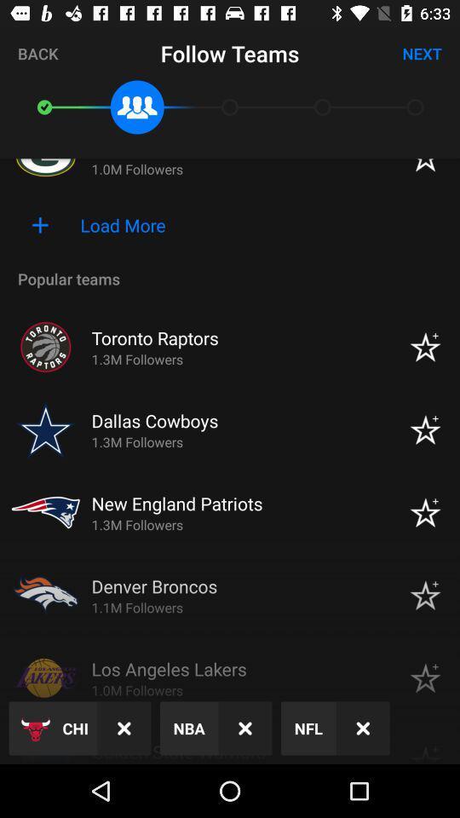 The height and width of the screenshot is (818, 460). What do you see at coordinates (244, 727) in the screenshot?
I see `the close icon` at bounding box center [244, 727].